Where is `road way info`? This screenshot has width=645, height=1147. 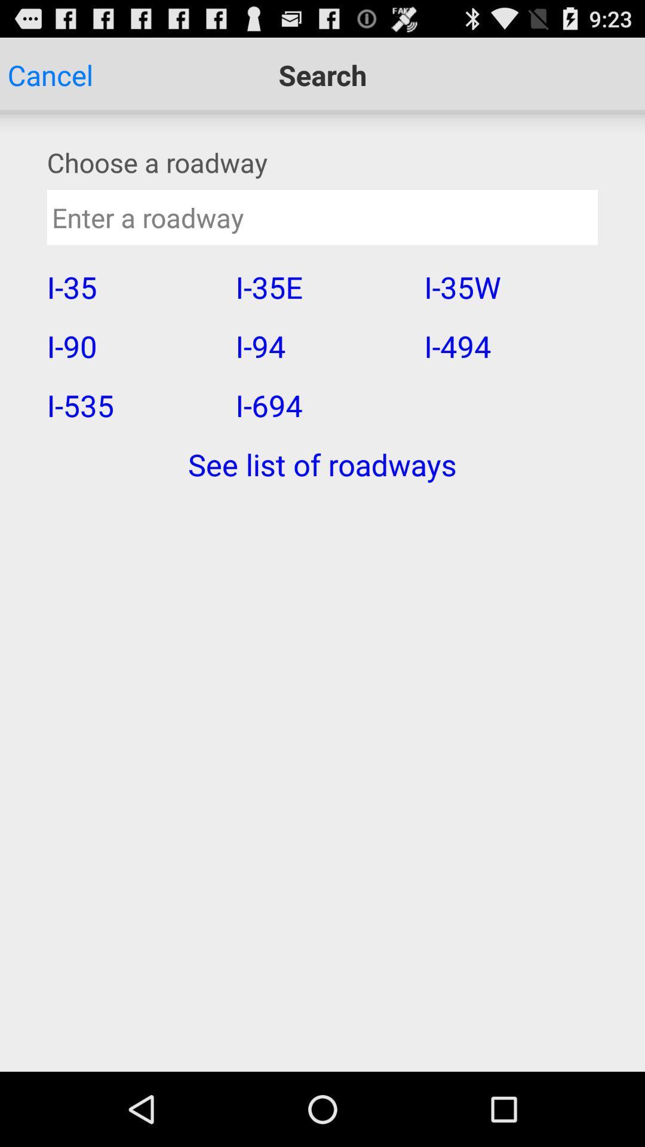 road way info is located at coordinates (322, 217).